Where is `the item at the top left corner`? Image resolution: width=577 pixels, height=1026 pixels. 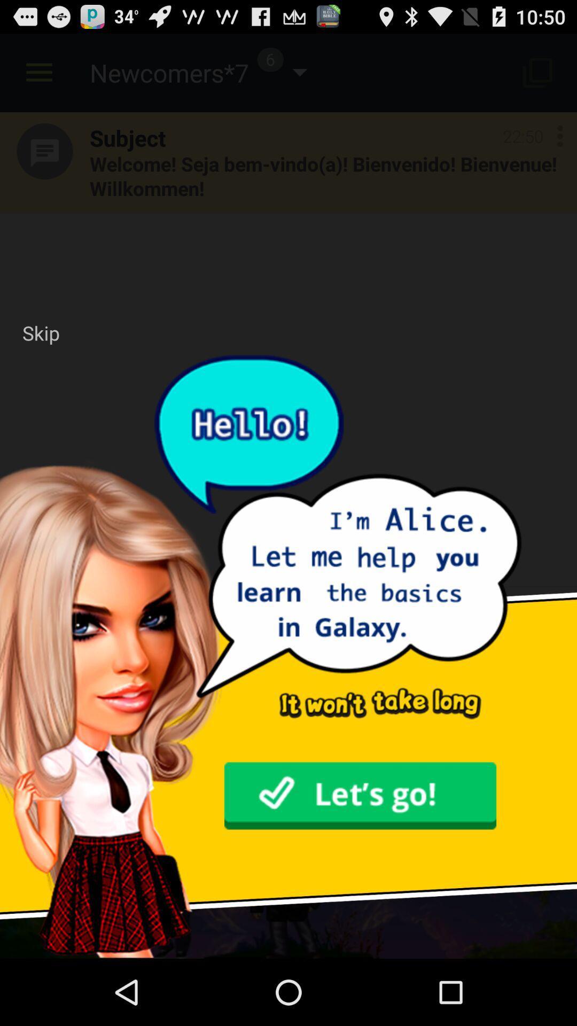
the item at the top left corner is located at coordinates (40, 332).